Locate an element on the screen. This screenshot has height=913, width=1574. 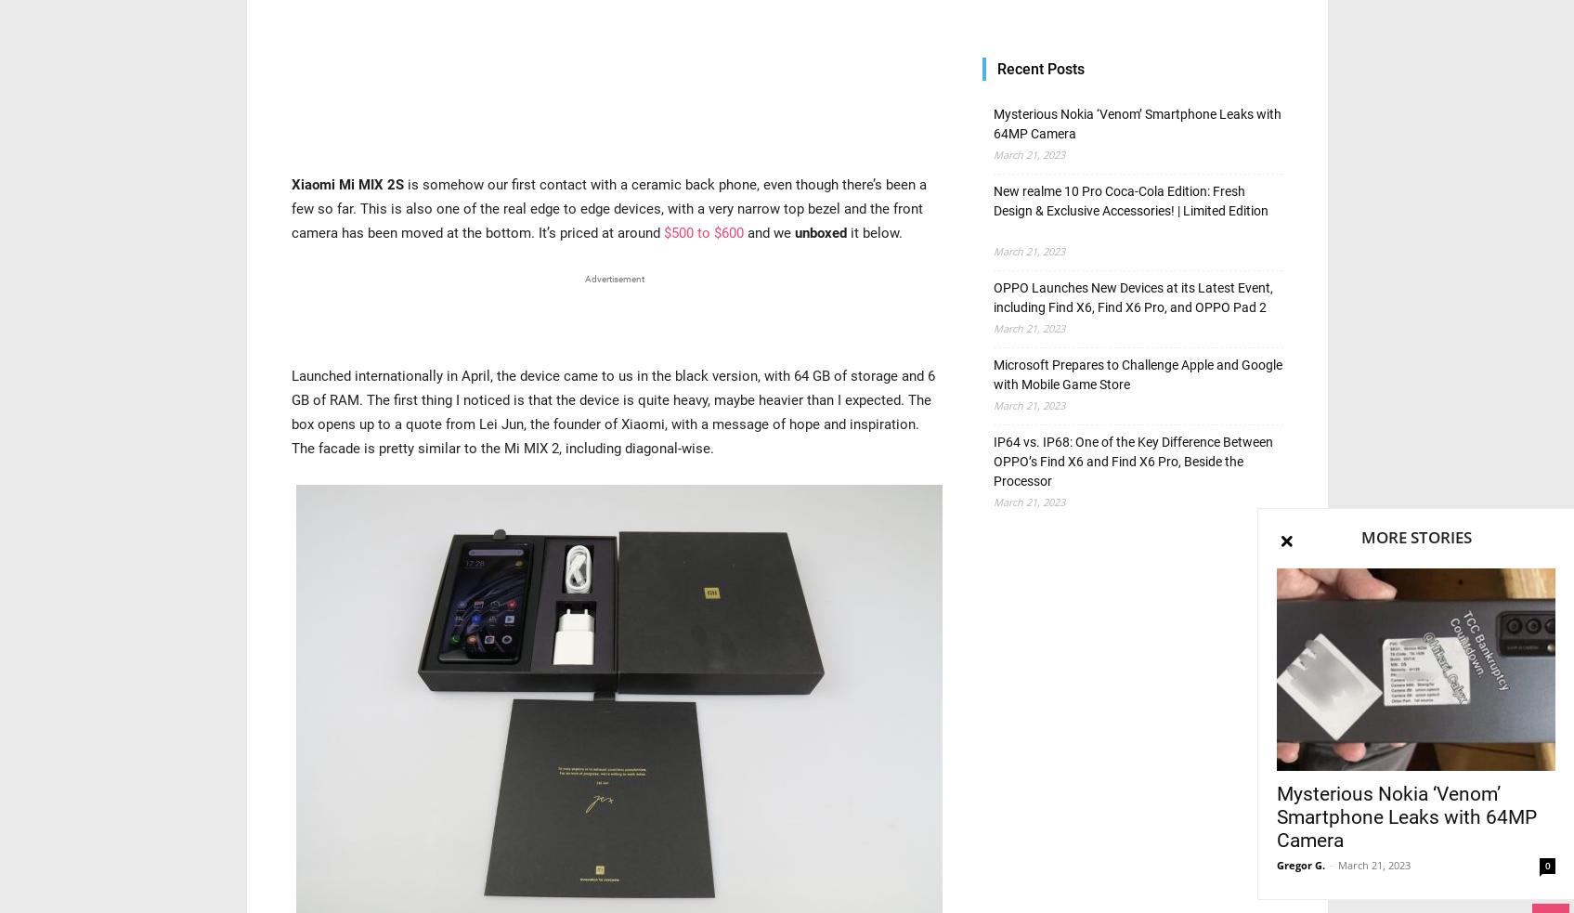
'Microsoft Prepares to Challenge Apple and Google with Mobile Game Store' is located at coordinates (1137, 373).